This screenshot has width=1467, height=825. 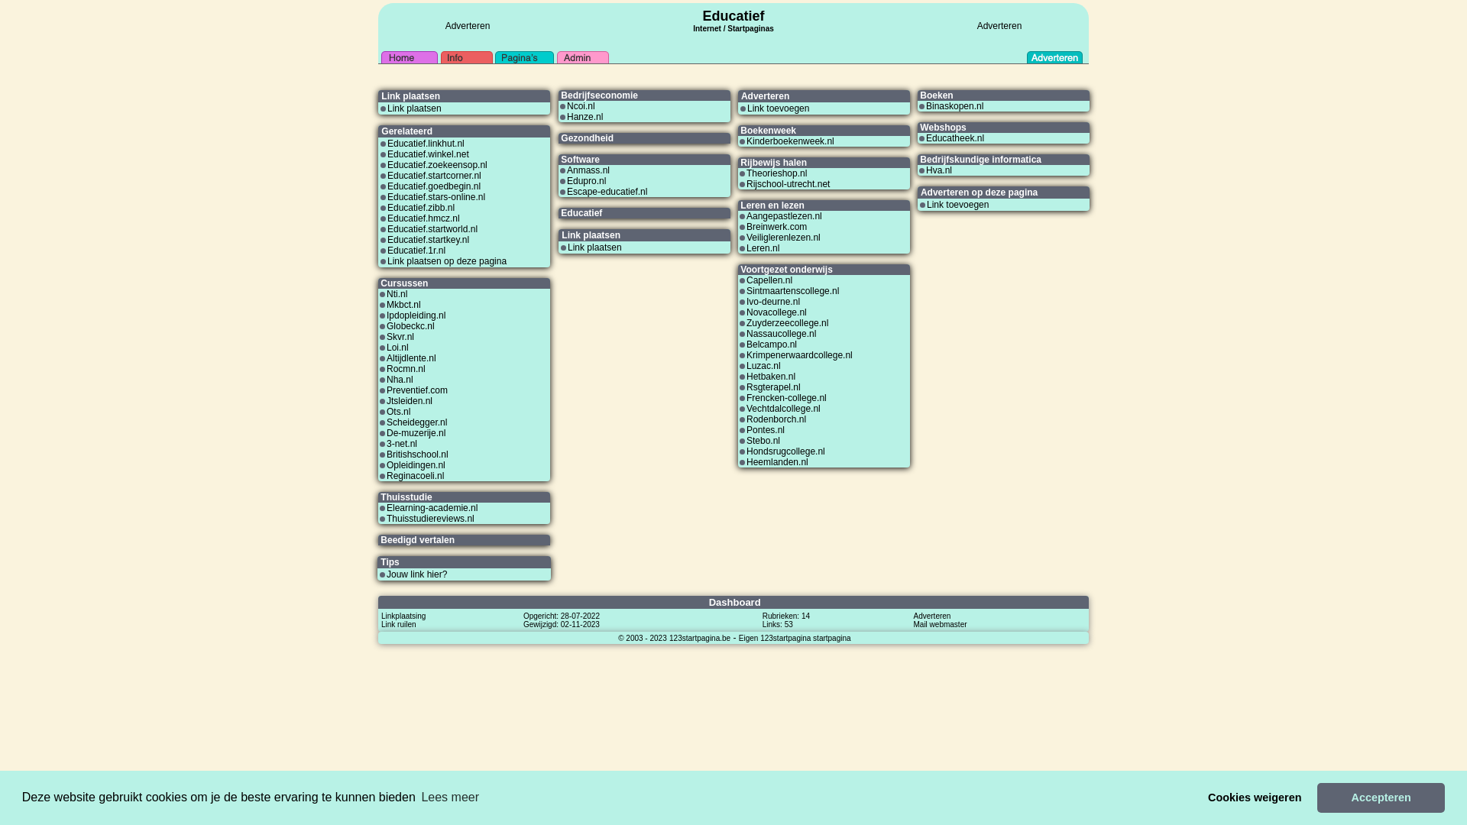 I want to click on 'Binaskopen.nl', so click(x=954, y=105).